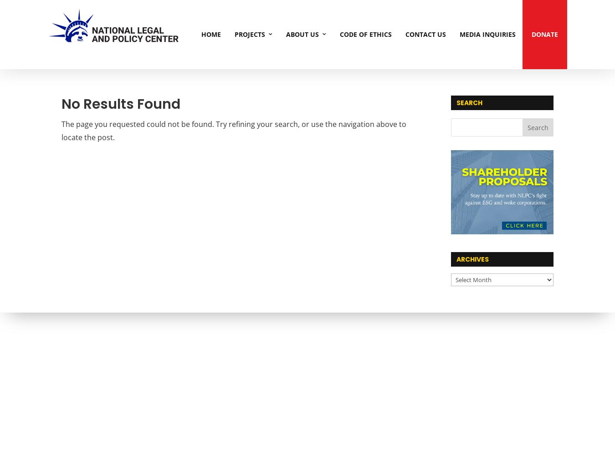 This screenshot has width=615, height=455. What do you see at coordinates (268, 96) in the screenshot?
I see `'Corporate Integrity Project'` at bounding box center [268, 96].